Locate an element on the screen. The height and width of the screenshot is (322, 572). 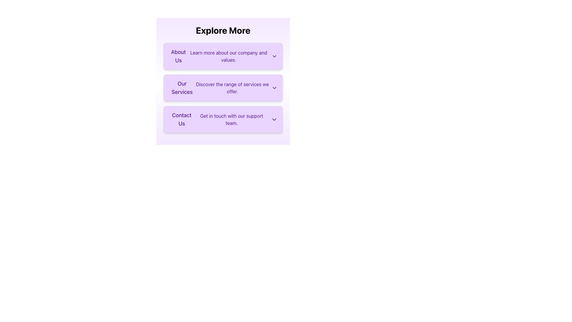
the second card in the vertical stack under the 'Explore More' header is located at coordinates (223, 88).